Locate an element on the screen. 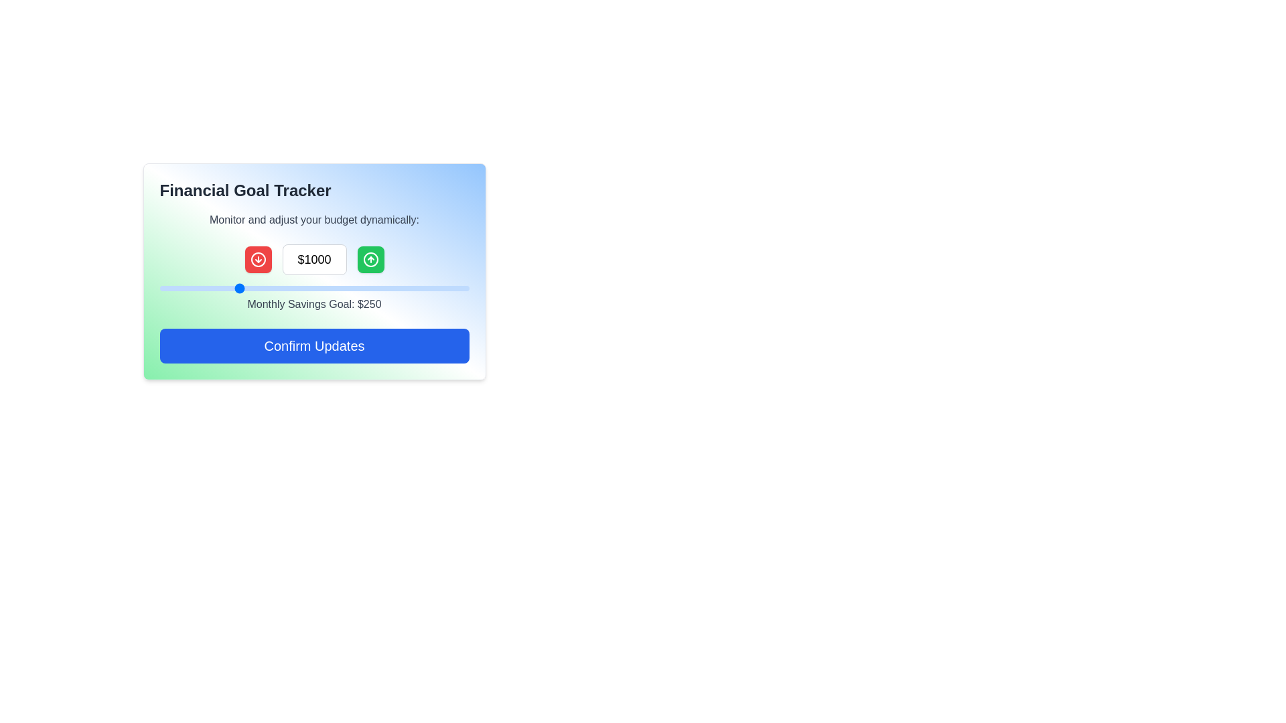 This screenshot has height=723, width=1286. the monthly savings goal is located at coordinates (292, 288).